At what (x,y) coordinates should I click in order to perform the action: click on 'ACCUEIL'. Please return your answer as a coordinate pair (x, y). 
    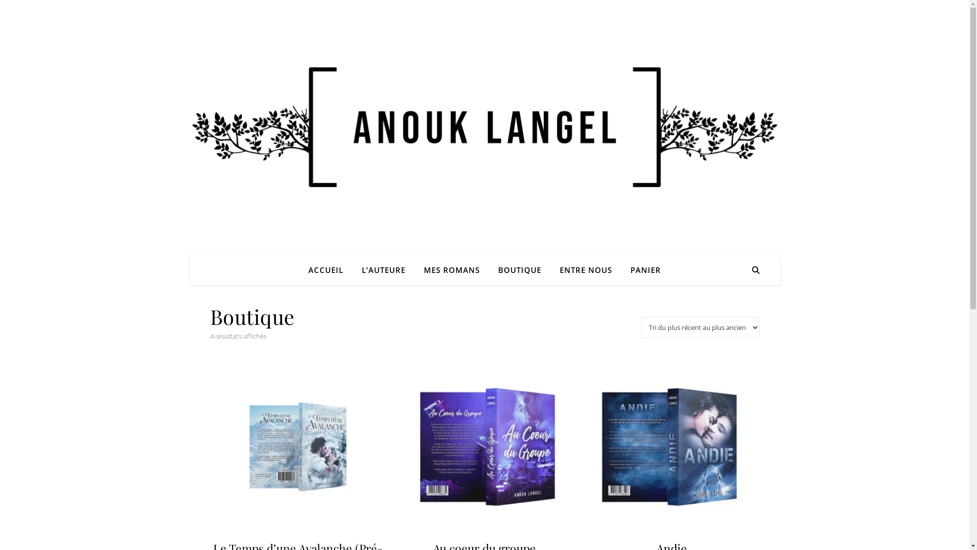
    Looking at the image, I should click on (330, 269).